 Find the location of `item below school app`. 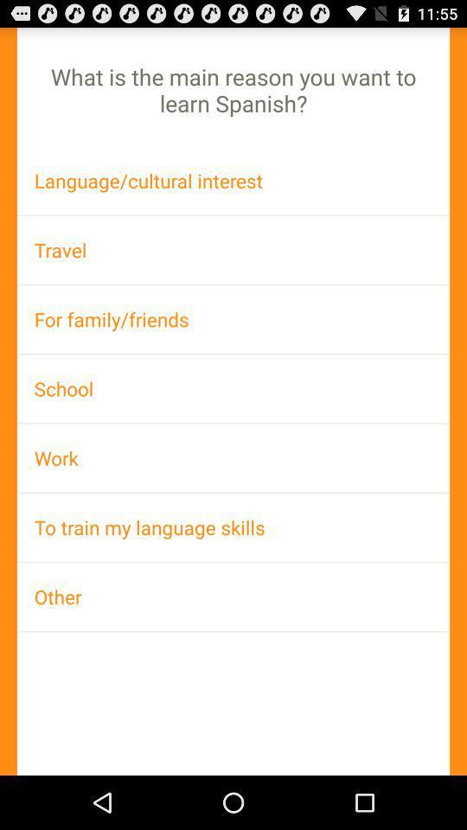

item below school app is located at coordinates (233, 456).